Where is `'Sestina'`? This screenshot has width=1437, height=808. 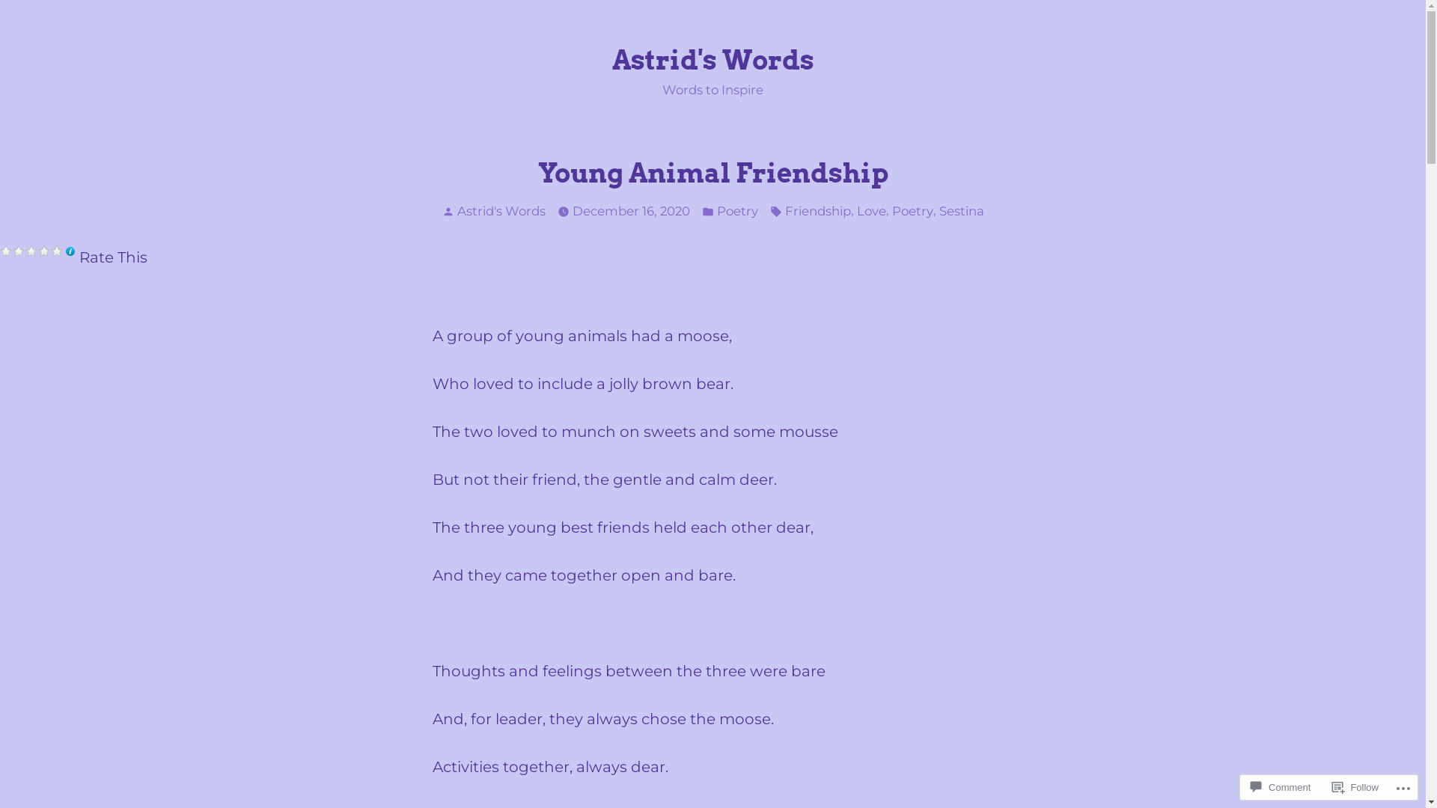
'Sestina' is located at coordinates (960, 211).